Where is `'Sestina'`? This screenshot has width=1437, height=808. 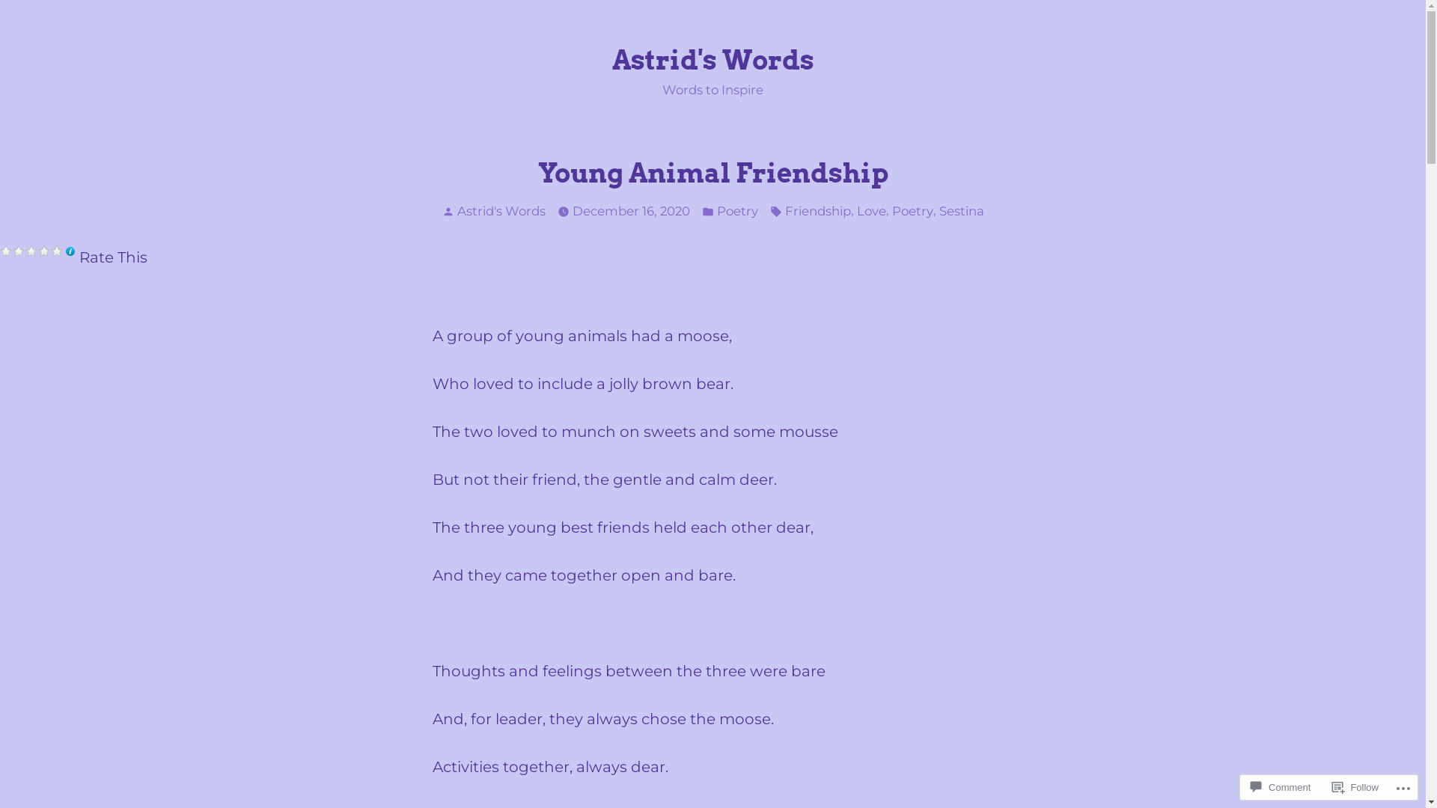
'Sestina' is located at coordinates (960, 211).